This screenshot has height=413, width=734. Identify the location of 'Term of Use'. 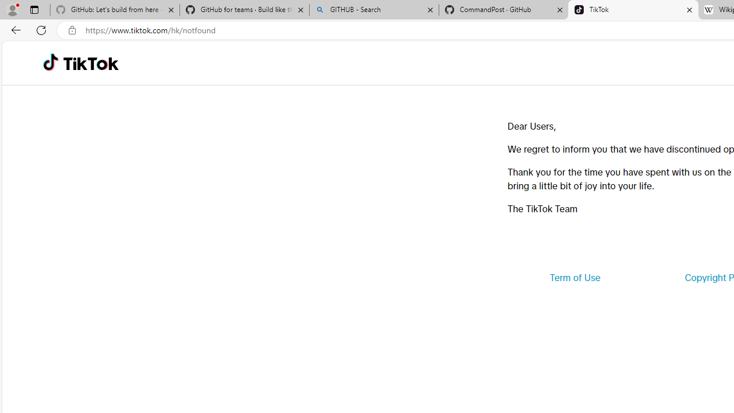
(575, 278).